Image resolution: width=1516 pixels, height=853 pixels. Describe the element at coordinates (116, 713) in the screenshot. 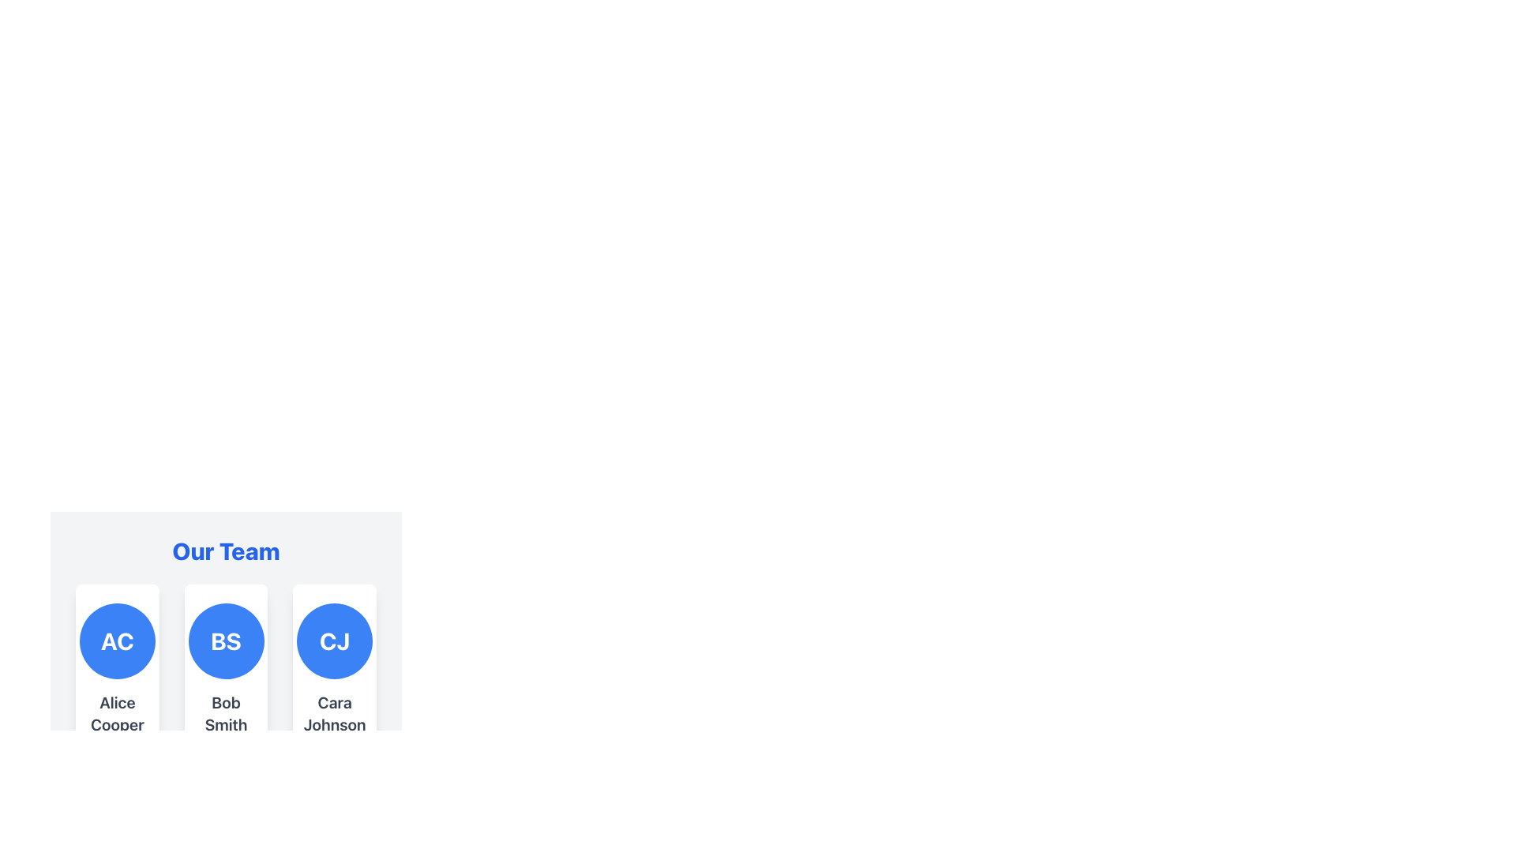

I see `the text label displaying 'Alice Cooper', which is in a large, bold font, dark gray color, and is centered under the avatar labeled 'AC'` at that location.